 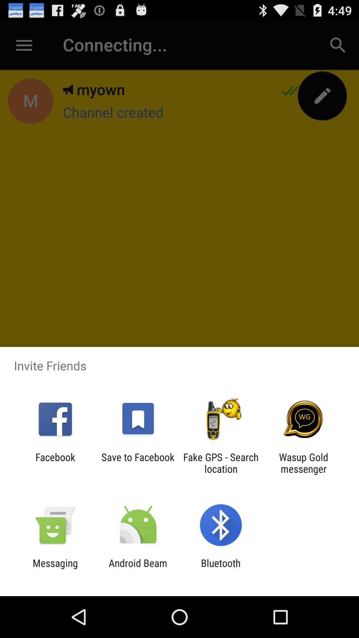 What do you see at coordinates (55, 569) in the screenshot?
I see `the app to the left of the android beam app` at bounding box center [55, 569].